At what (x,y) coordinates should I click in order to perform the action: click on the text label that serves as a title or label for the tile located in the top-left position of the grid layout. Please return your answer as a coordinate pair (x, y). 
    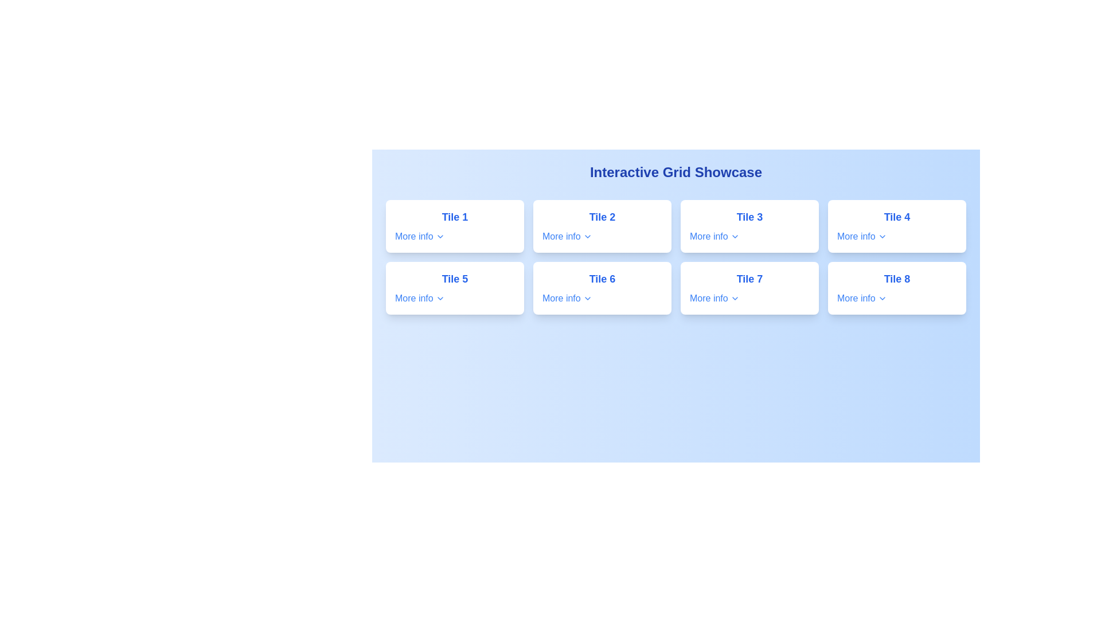
    Looking at the image, I should click on (454, 217).